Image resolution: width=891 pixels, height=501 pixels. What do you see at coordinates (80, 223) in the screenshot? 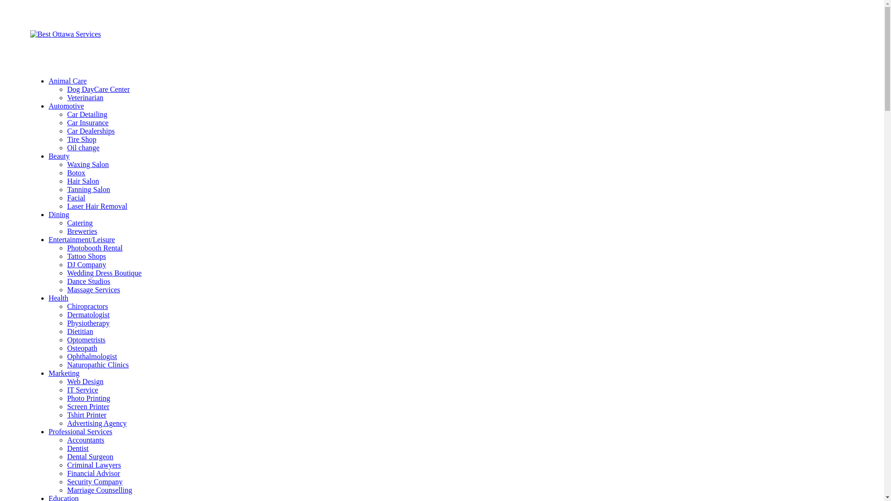
I see `'Catering'` at bounding box center [80, 223].